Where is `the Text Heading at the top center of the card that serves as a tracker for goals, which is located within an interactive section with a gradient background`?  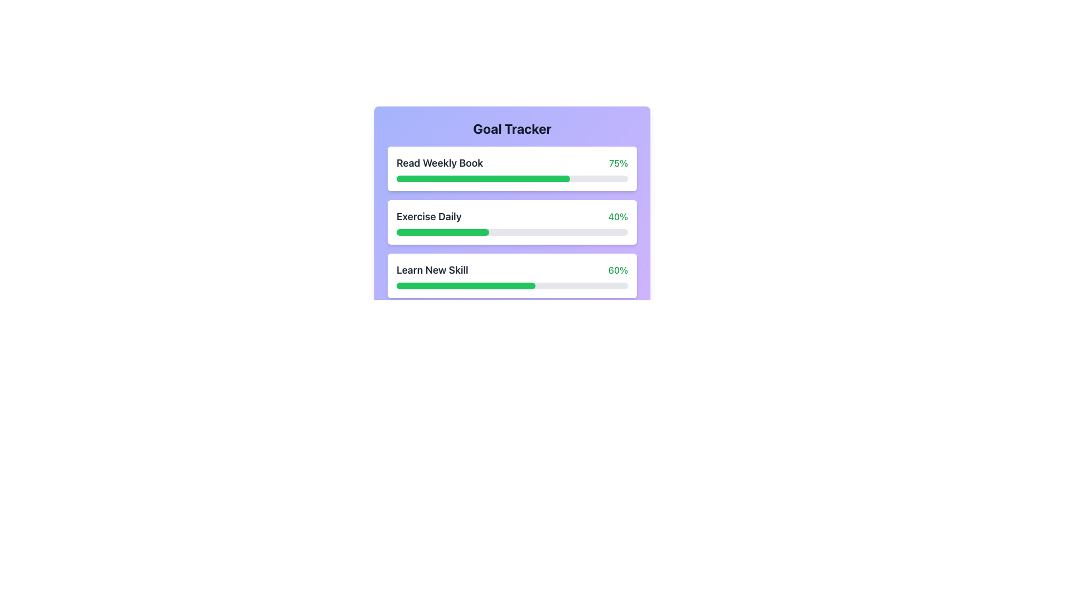 the Text Heading at the top center of the card that serves as a tracker for goals, which is located within an interactive section with a gradient background is located at coordinates (512, 128).